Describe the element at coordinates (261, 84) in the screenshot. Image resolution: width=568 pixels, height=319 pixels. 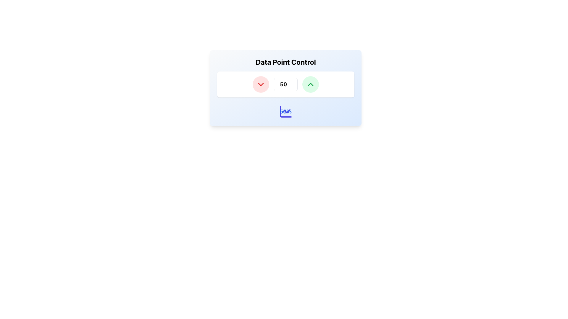
I see `the downward chevron button located to the left of the input field displaying '50' to decrease the value` at that location.